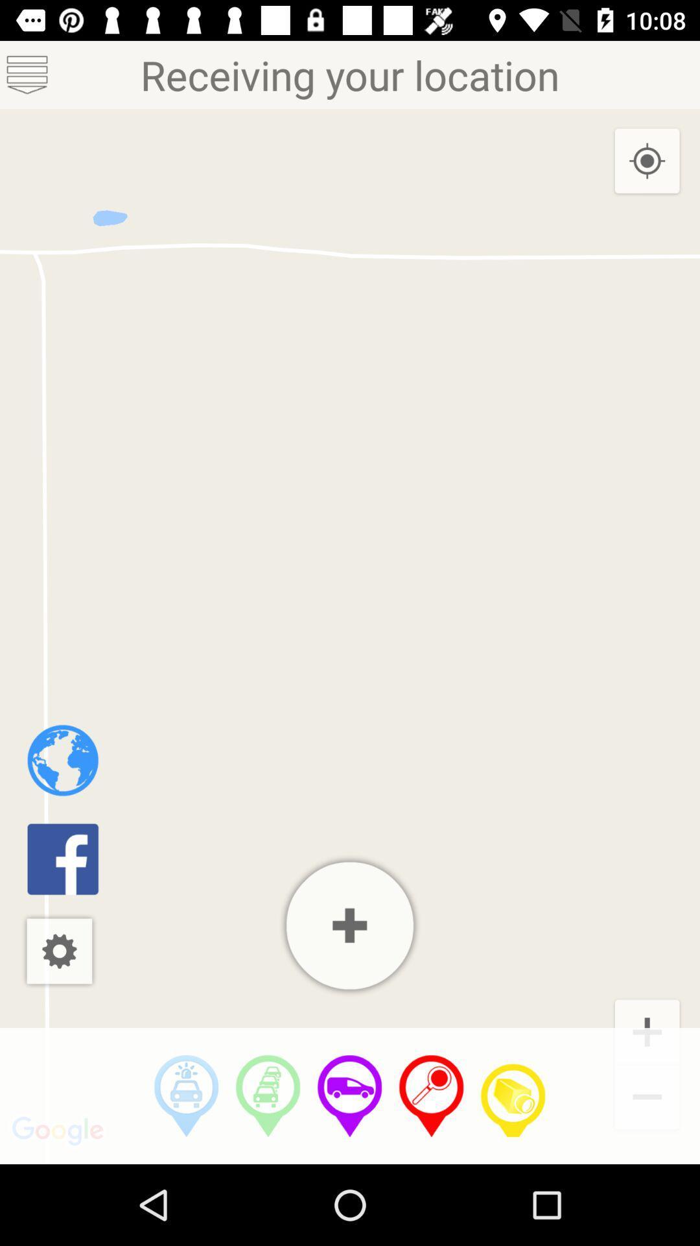  Describe the element at coordinates (63, 760) in the screenshot. I see `home` at that location.